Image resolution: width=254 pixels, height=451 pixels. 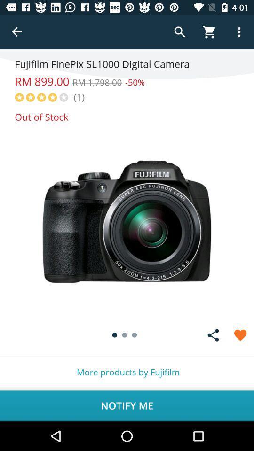 I want to click on images of the item, so click(x=127, y=222).